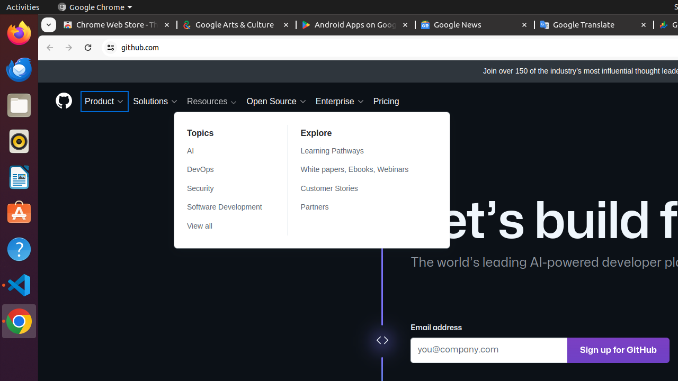 The width and height of the screenshot is (678, 381). Describe the element at coordinates (19, 213) in the screenshot. I see `'Ubuntu Software'` at that location.